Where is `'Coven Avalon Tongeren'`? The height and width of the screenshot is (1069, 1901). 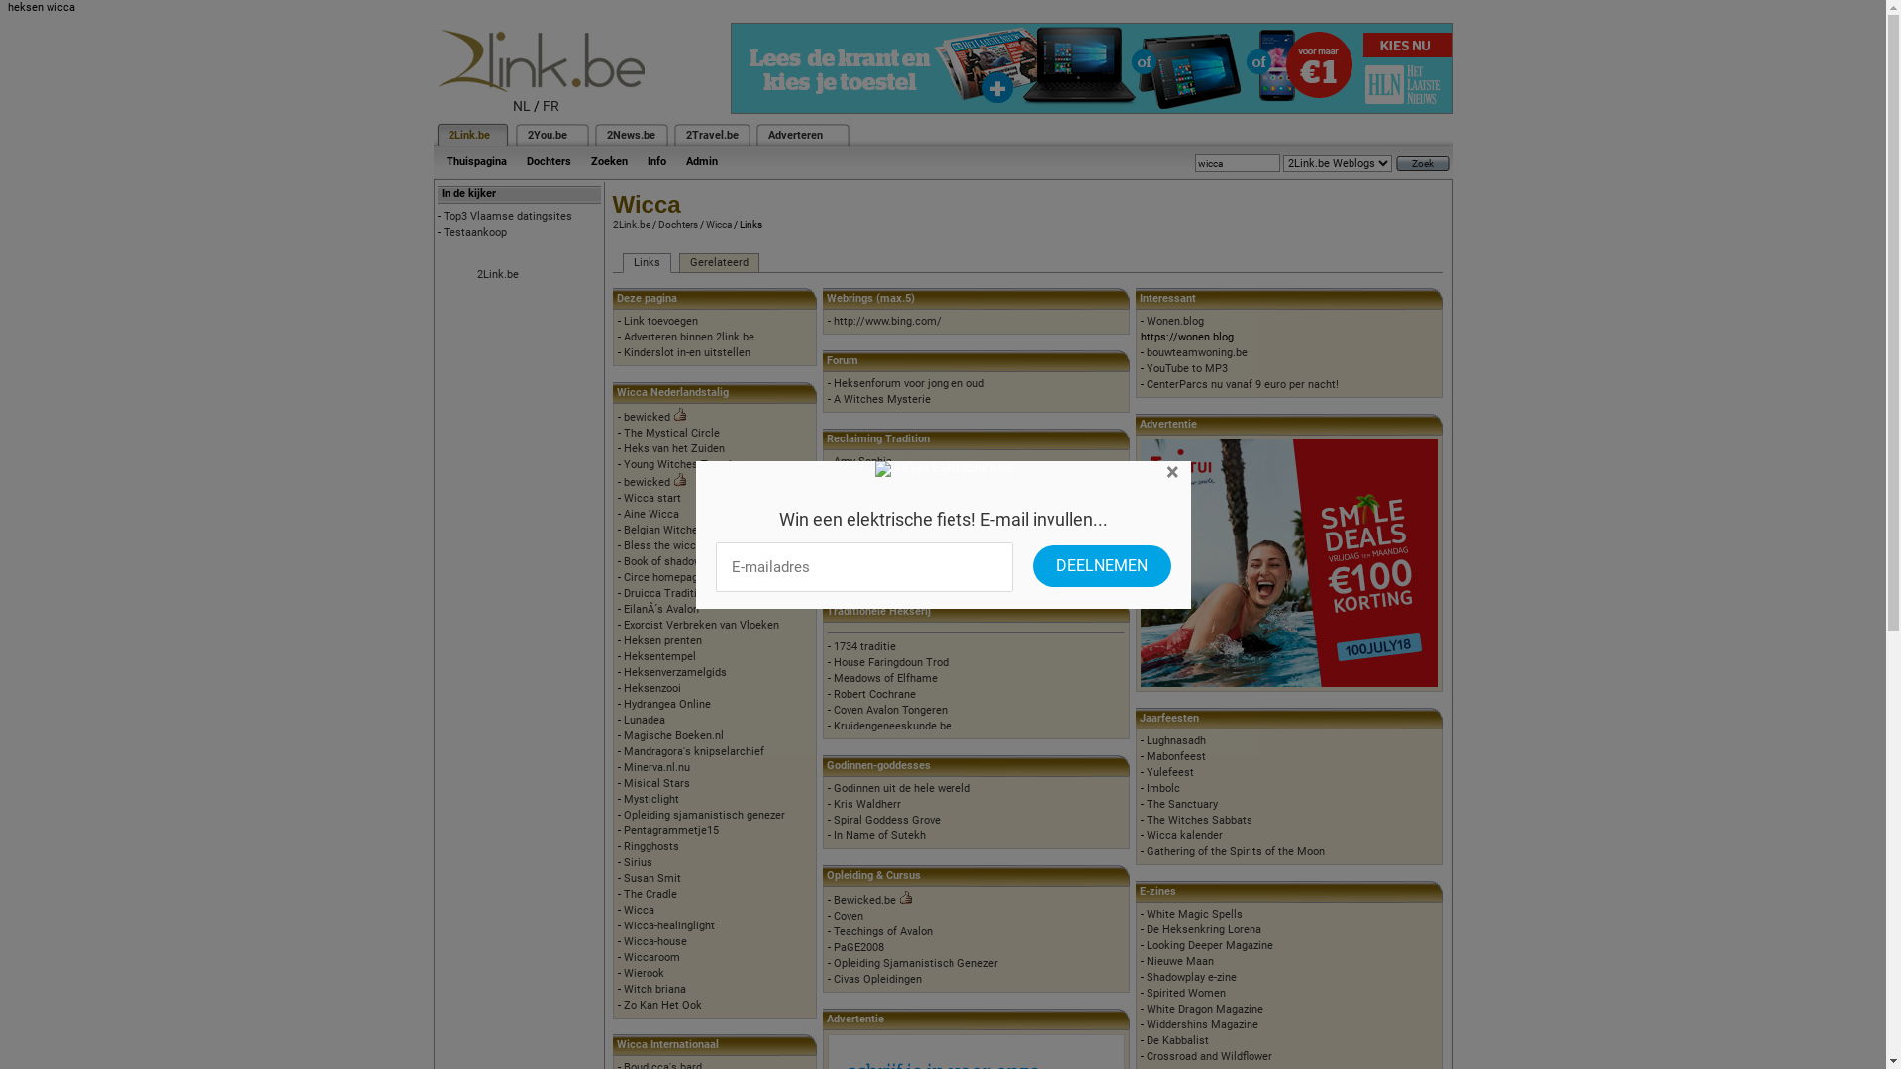 'Coven Avalon Tongeren' is located at coordinates (889, 709).